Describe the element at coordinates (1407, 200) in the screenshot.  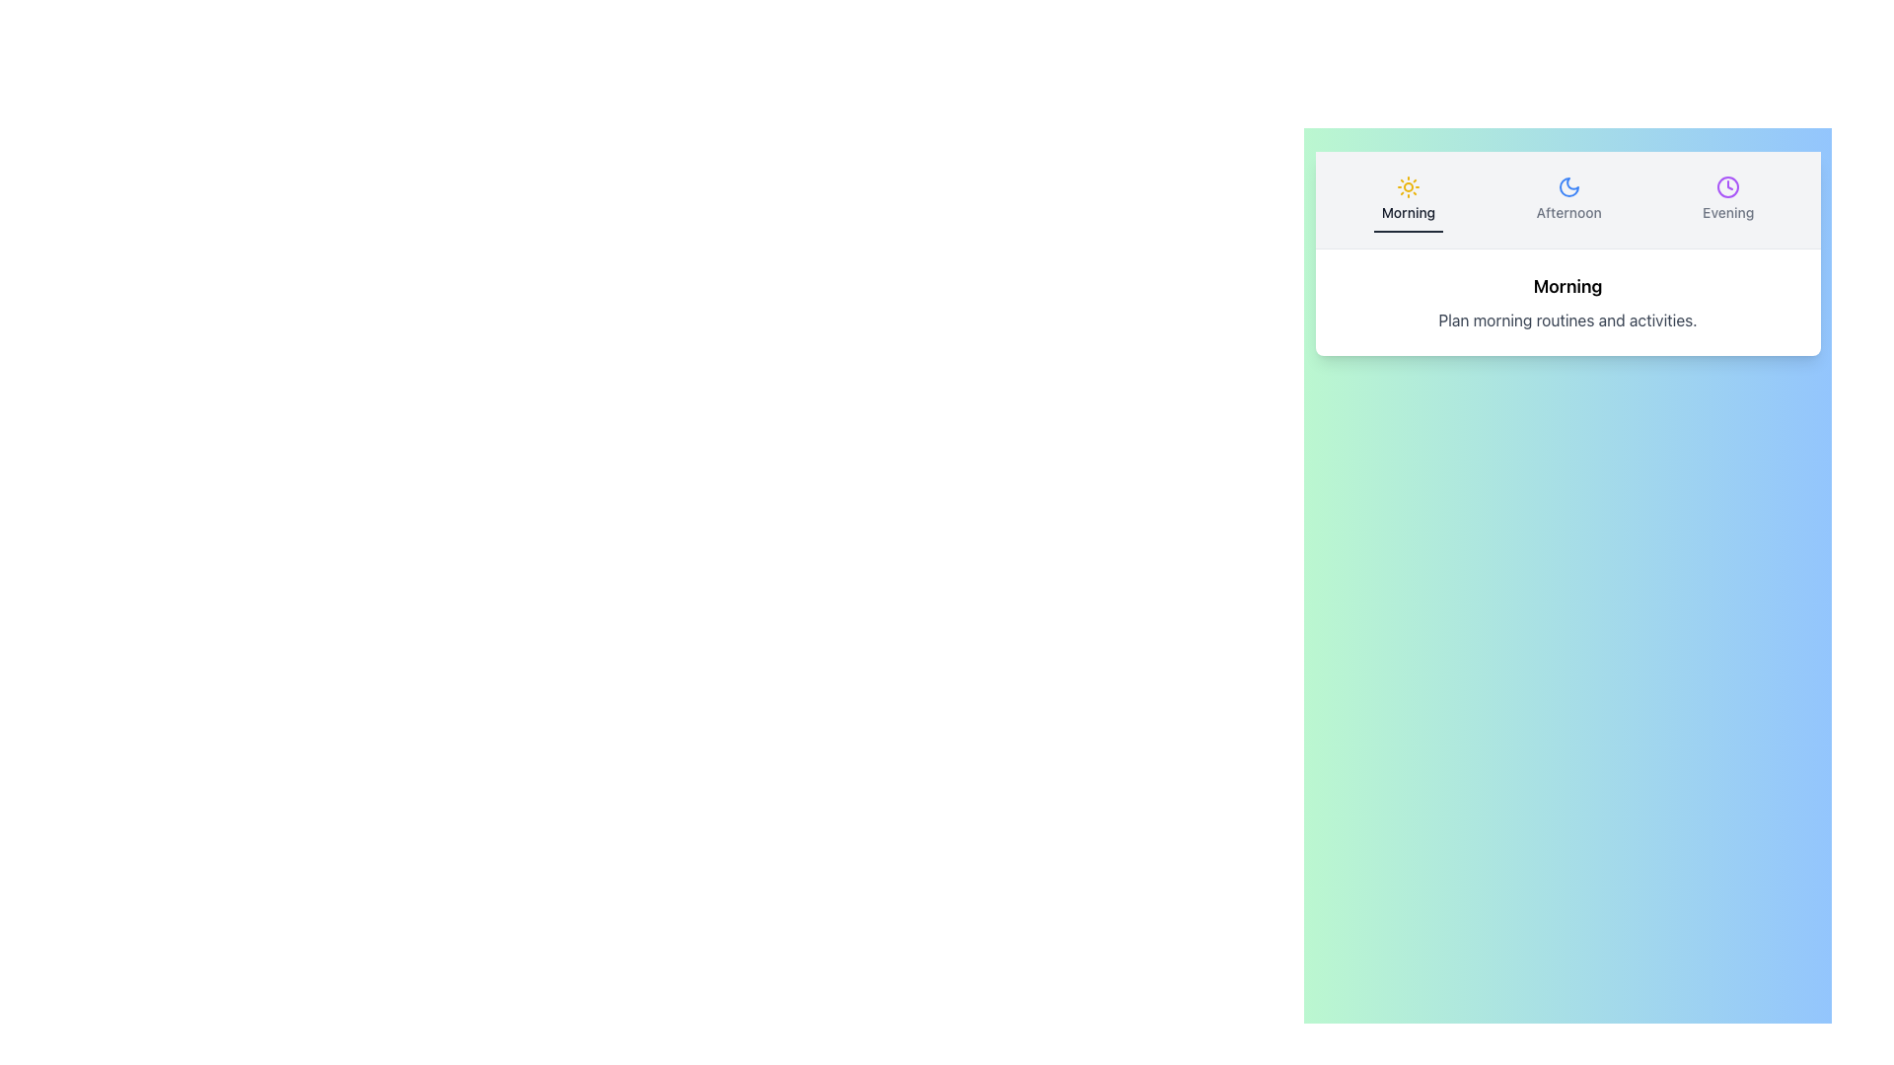
I see `the 'Morning' button located at the top of the application's main section` at that location.